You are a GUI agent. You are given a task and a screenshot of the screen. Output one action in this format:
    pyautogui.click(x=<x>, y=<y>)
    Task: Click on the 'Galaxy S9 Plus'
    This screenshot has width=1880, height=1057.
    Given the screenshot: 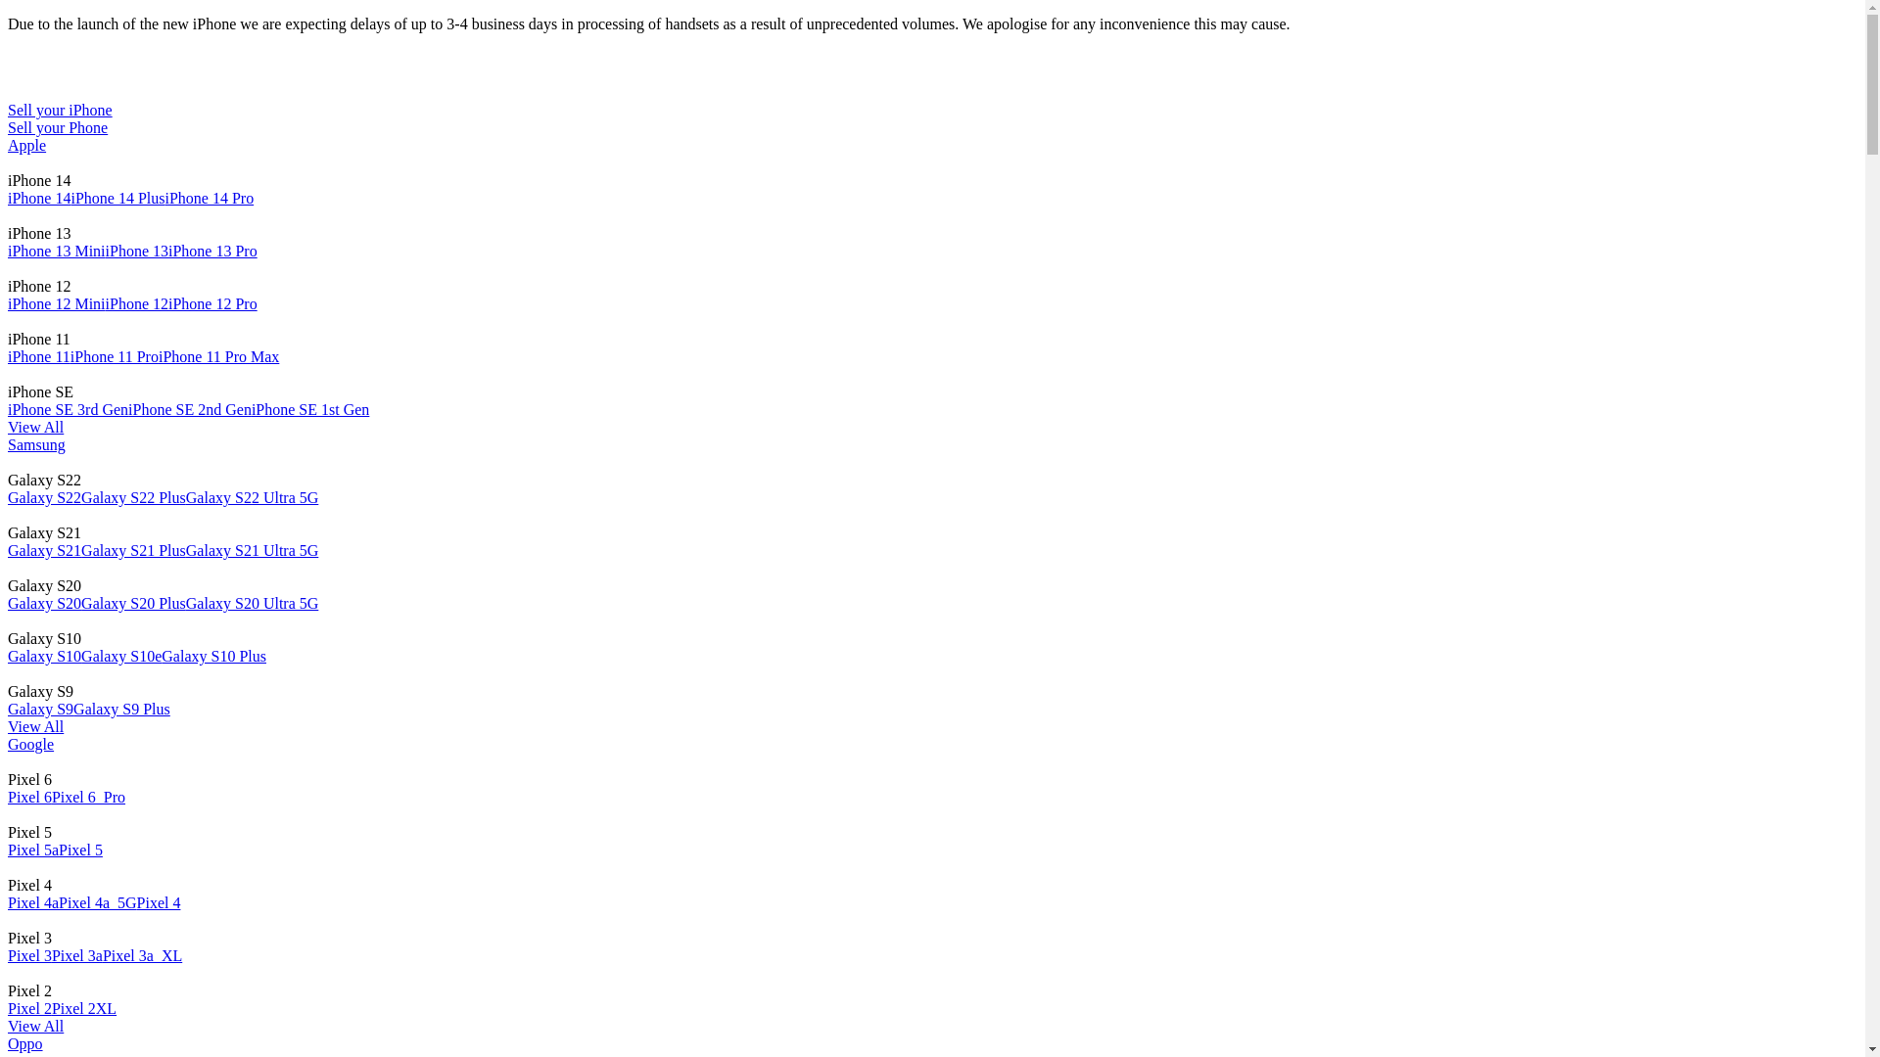 What is the action you would take?
    pyautogui.click(x=120, y=709)
    